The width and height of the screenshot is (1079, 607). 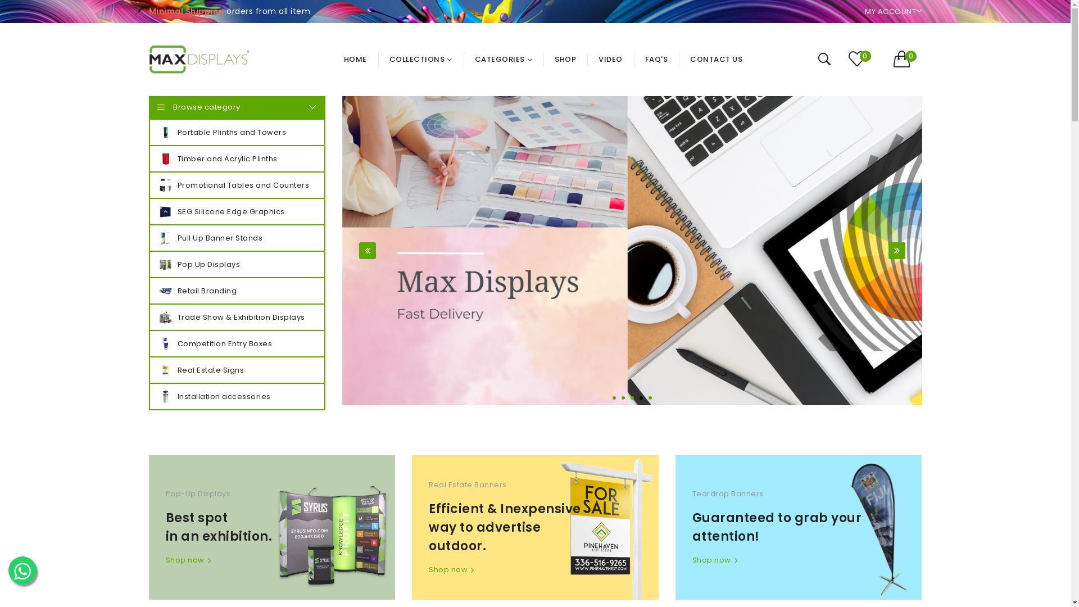 What do you see at coordinates (236, 211) in the screenshot?
I see `'SEG Silicone Edge Graphics'` at bounding box center [236, 211].